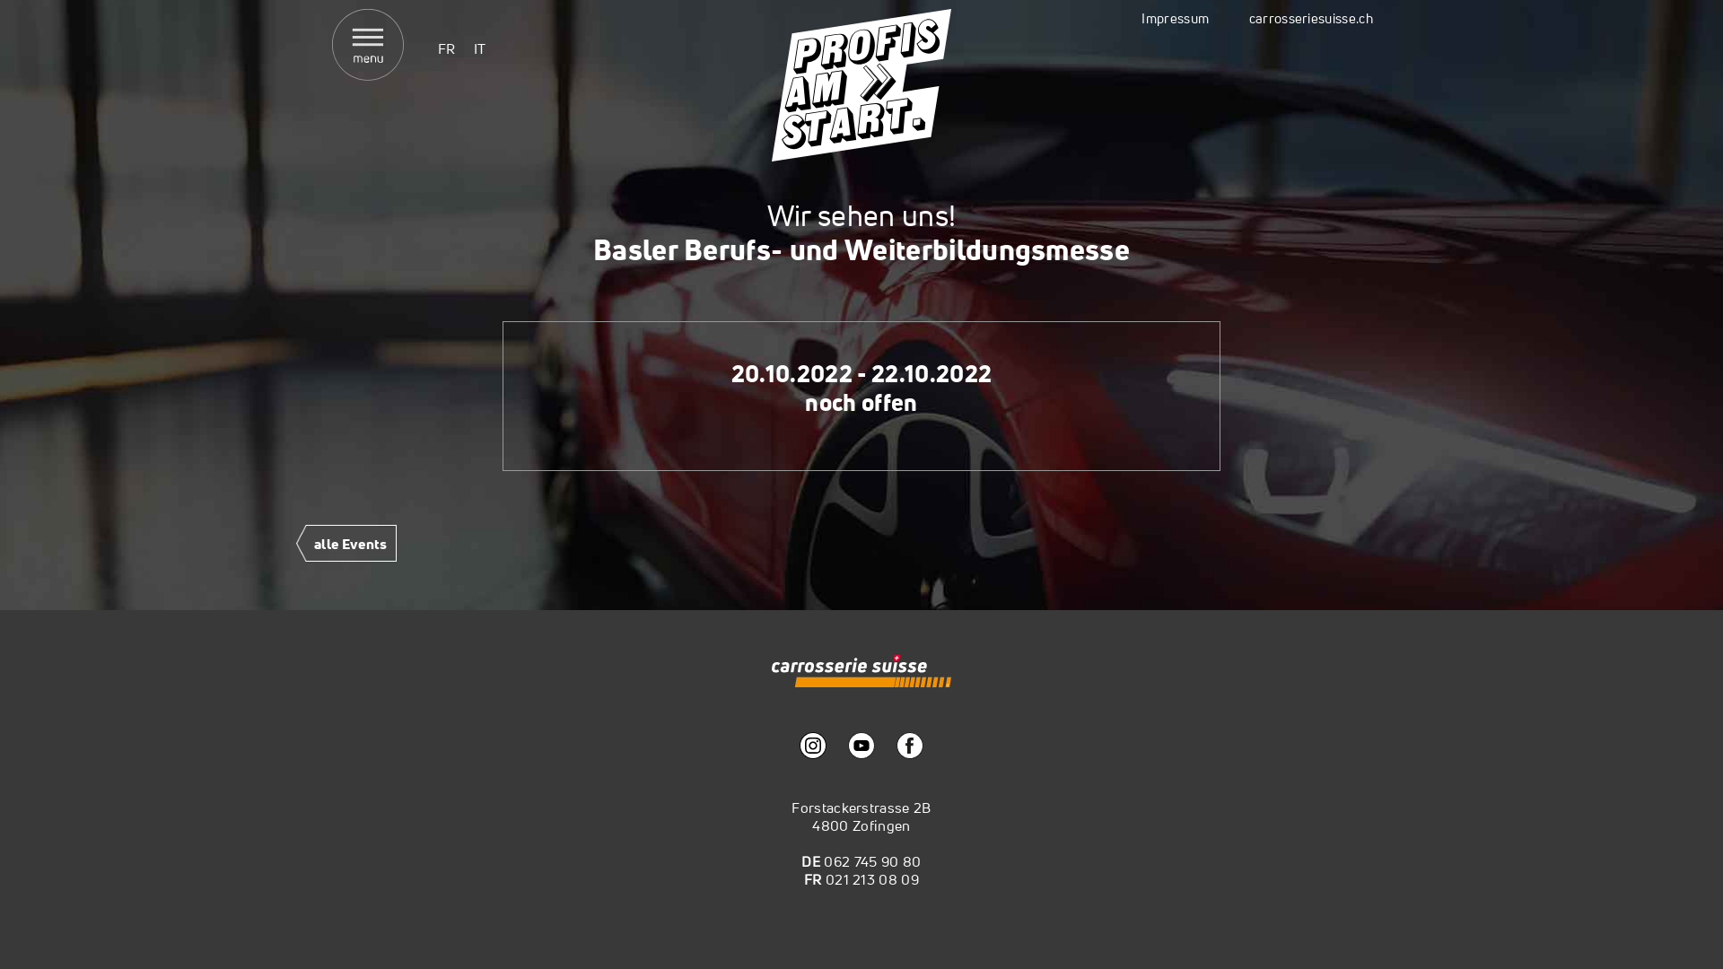  I want to click on 'carrosseriesuisse.ch', so click(1310, 18).